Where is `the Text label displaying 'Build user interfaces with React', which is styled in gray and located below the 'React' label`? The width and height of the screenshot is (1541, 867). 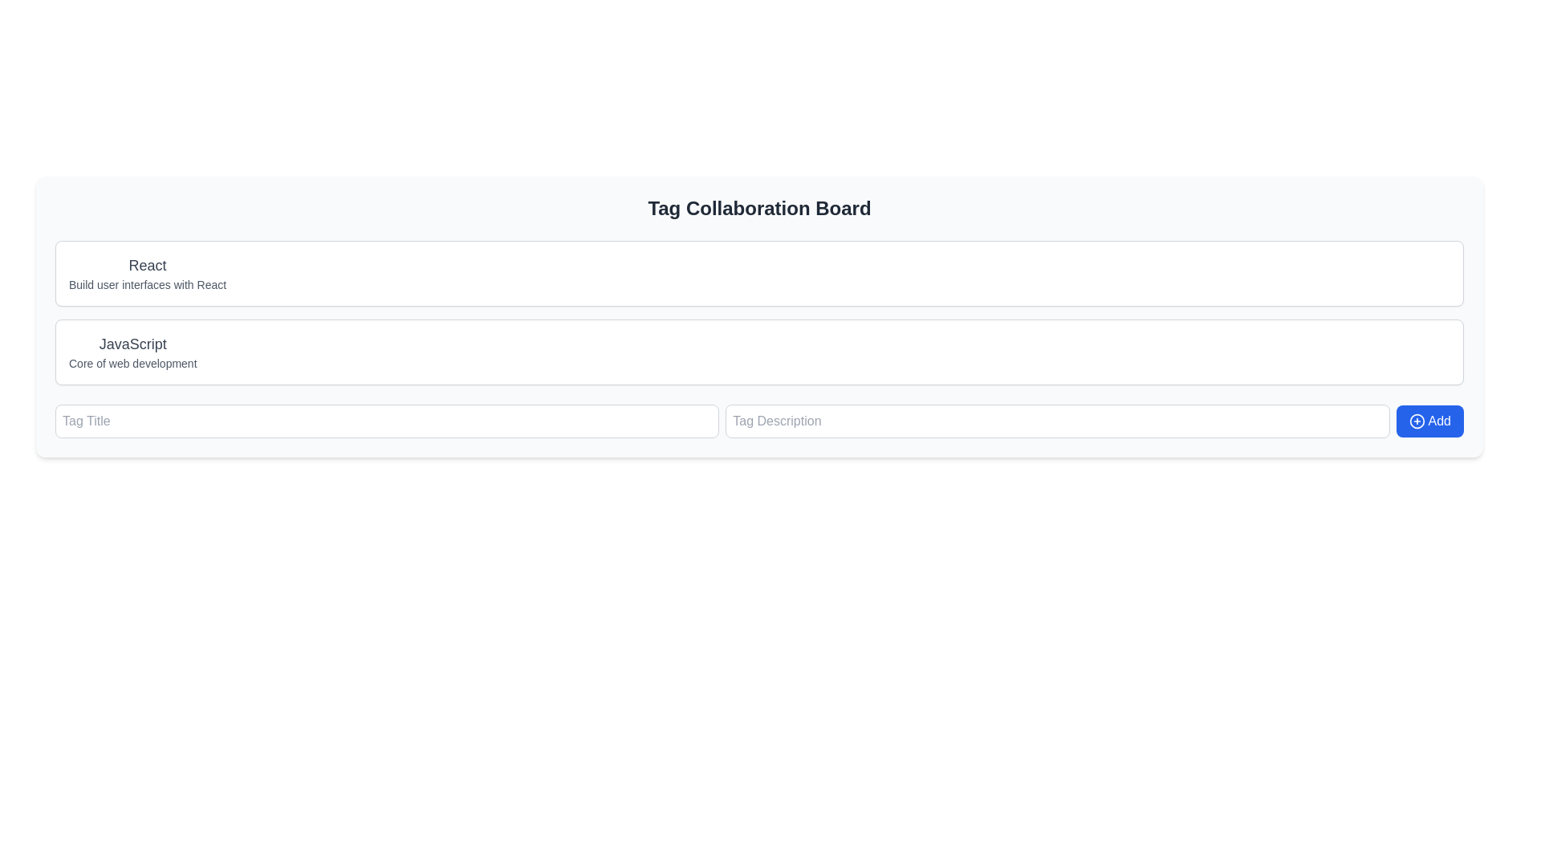
the Text label displaying 'Build user interfaces with React', which is styled in gray and located below the 'React' label is located at coordinates (148, 283).